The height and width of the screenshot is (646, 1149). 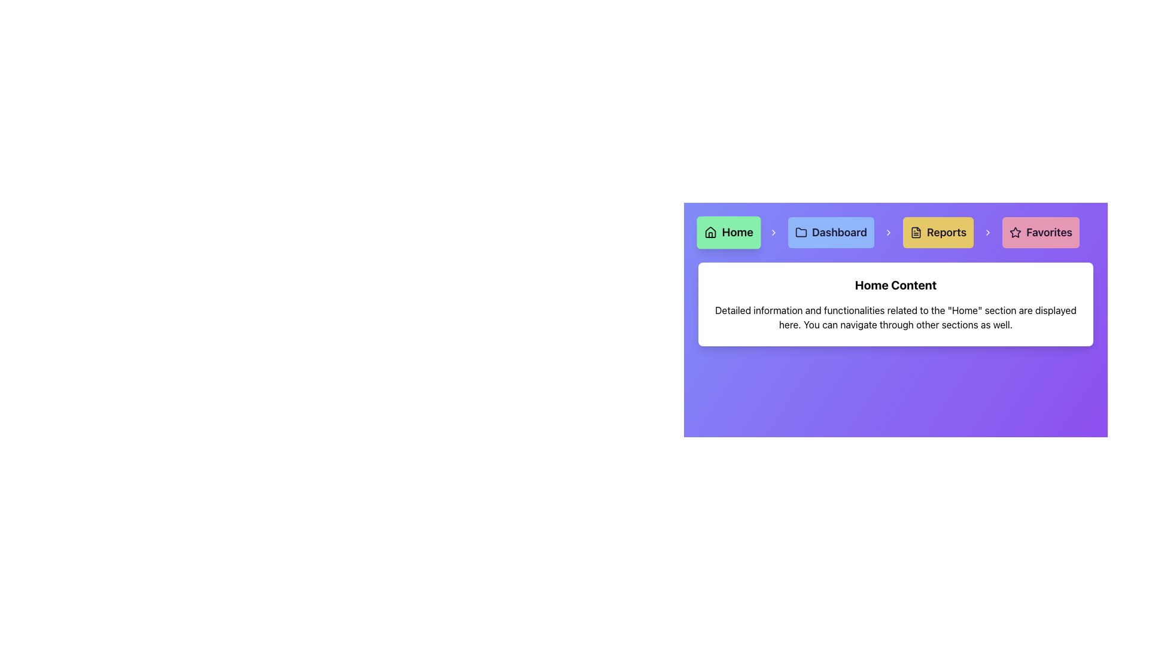 What do you see at coordinates (1048, 233) in the screenshot?
I see `the 'Favorites' text label located in the fourth navigation button with a pink background, positioned to the right of a star icon` at bounding box center [1048, 233].